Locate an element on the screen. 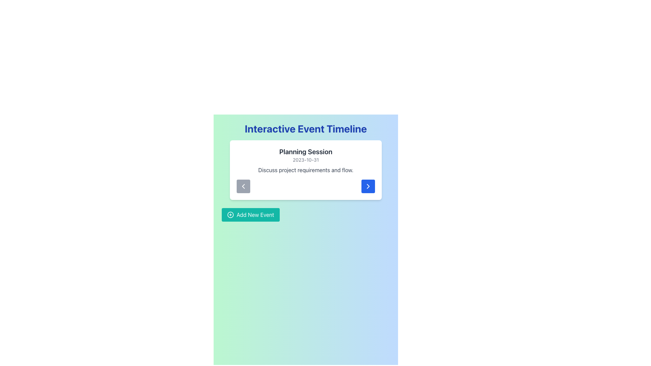 Image resolution: width=651 pixels, height=366 pixels. content displayed in the text block titled 'Planning Session', which includes the date '2023-10-31' and the description 'Discuss project requirements and flow.' is located at coordinates (305, 161).